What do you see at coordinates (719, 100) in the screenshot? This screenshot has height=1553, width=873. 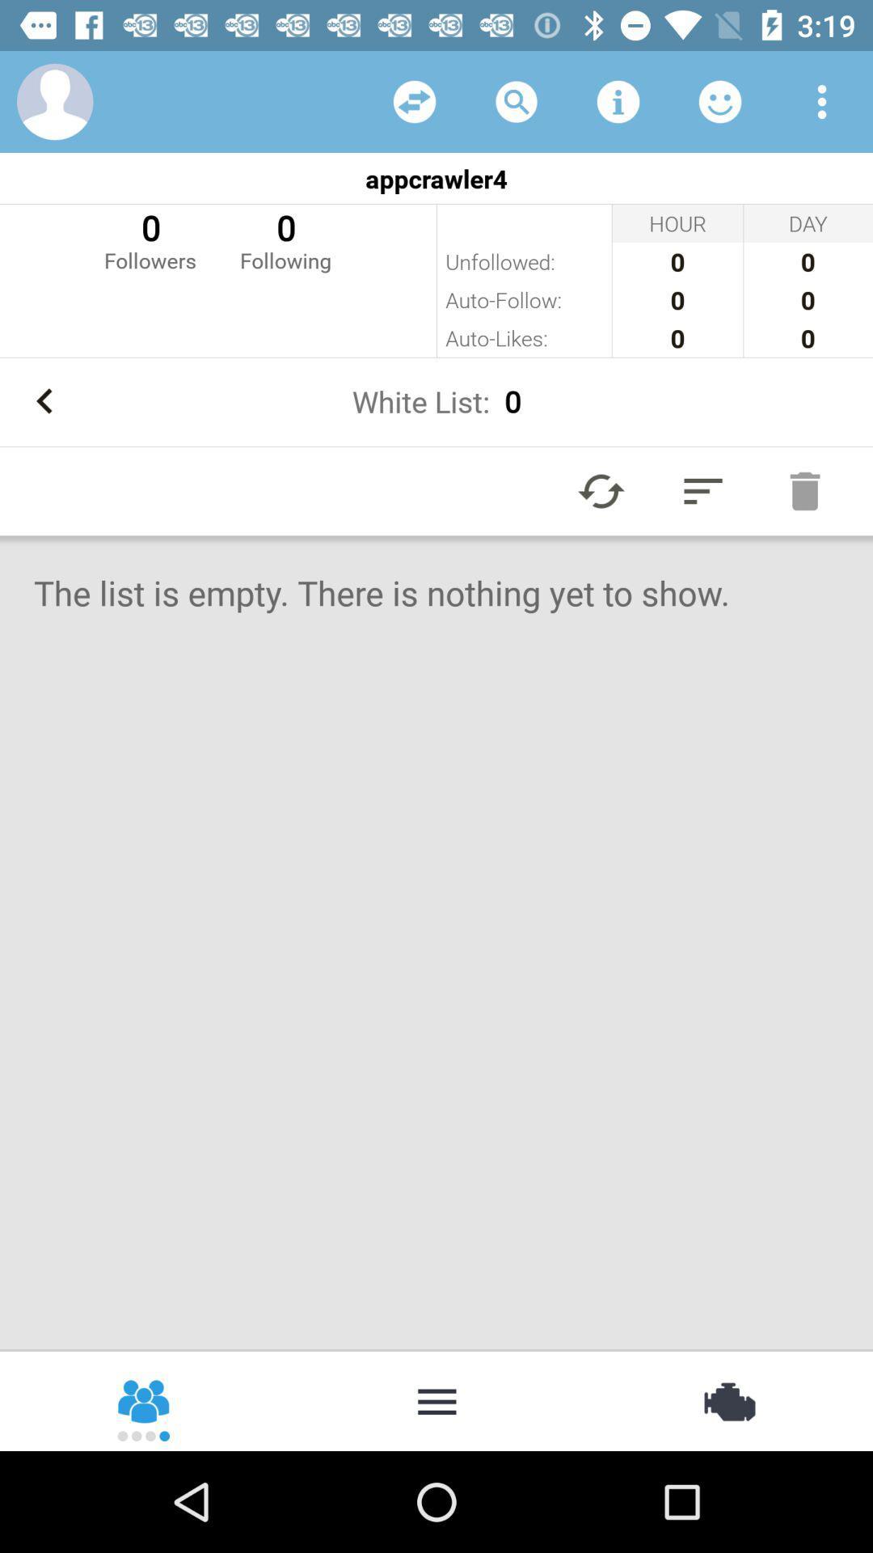 I see `the item above the appcrawler4` at bounding box center [719, 100].